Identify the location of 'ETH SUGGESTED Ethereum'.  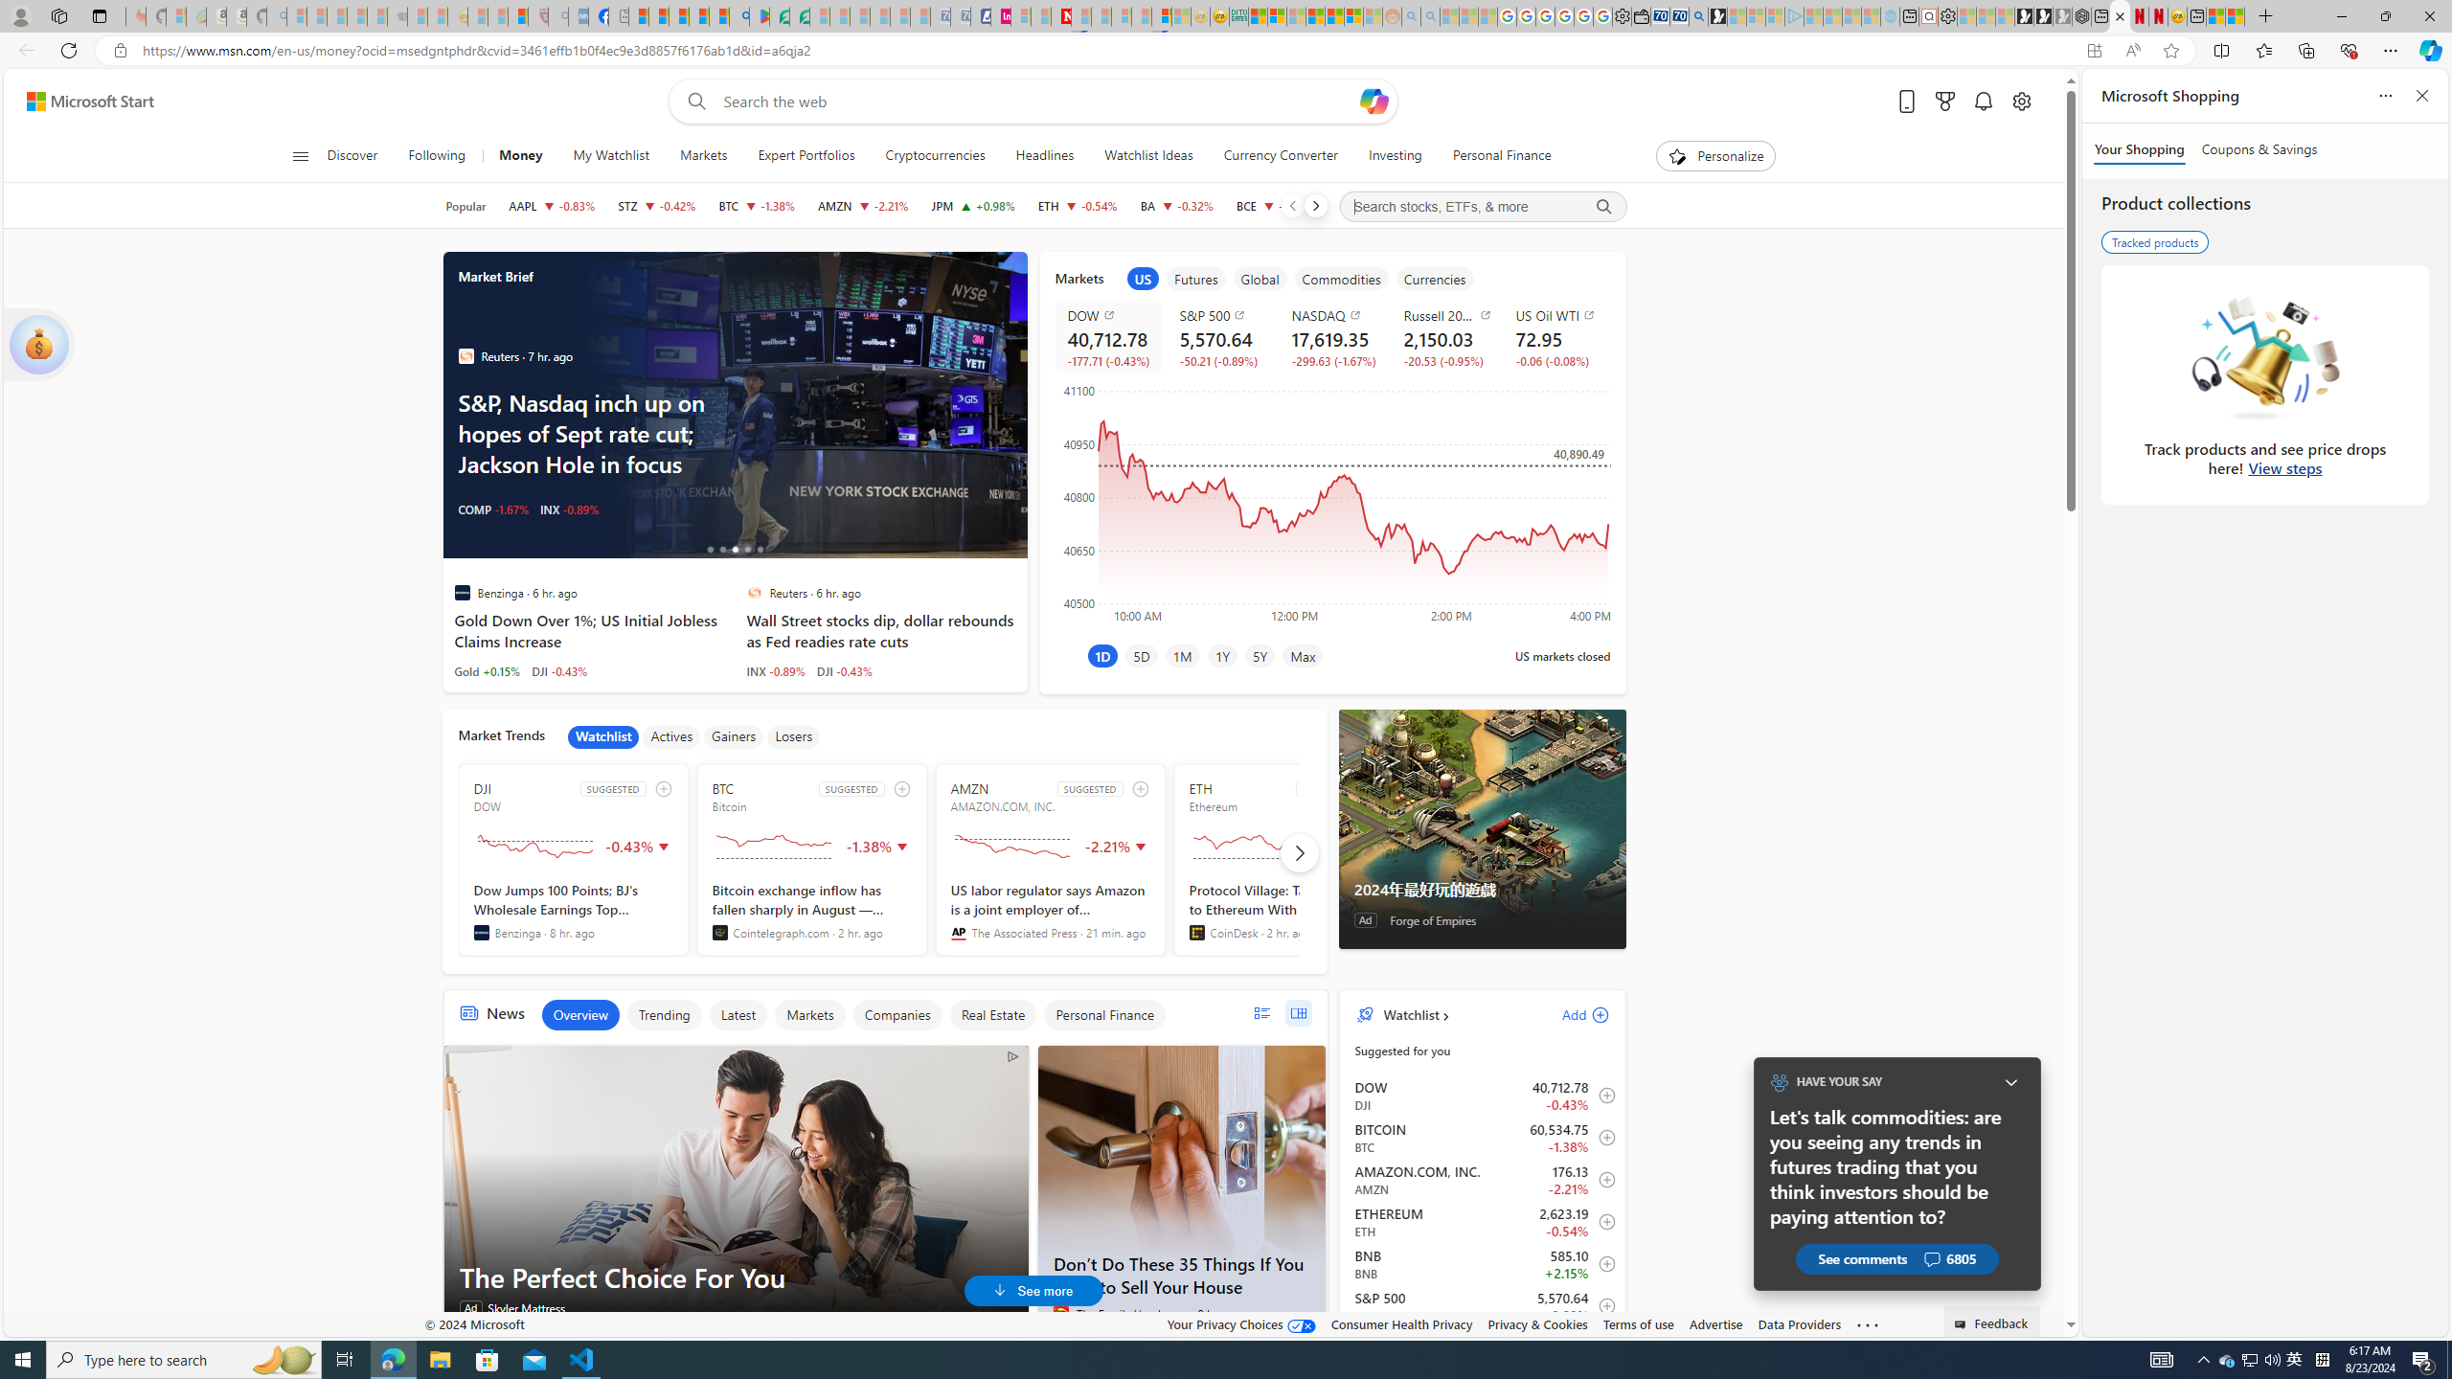
(1288, 858).